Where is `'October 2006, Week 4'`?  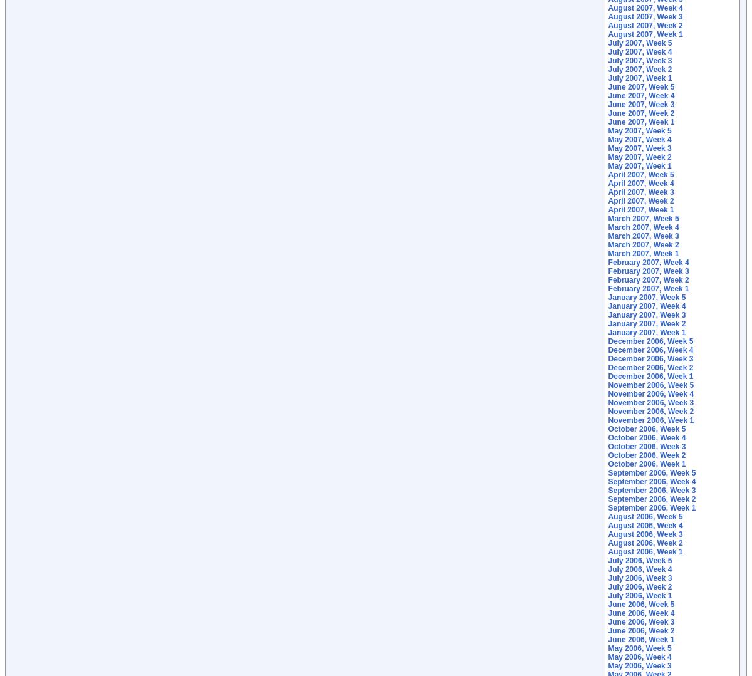
'October 2006, Week 4' is located at coordinates (647, 437).